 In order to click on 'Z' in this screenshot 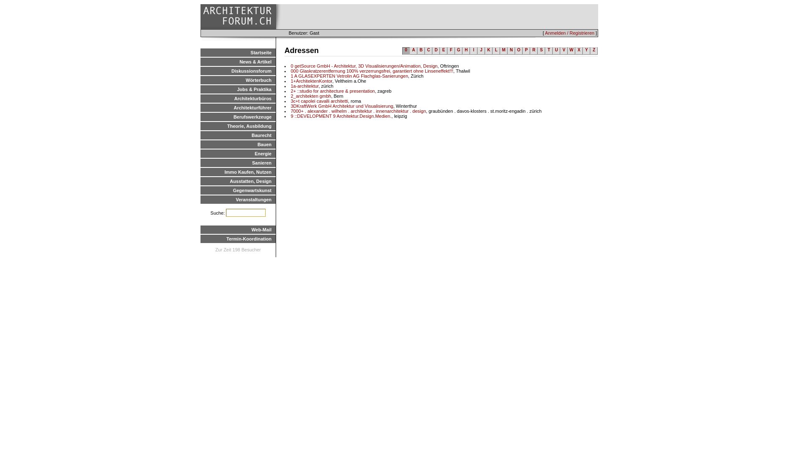, I will do `click(593, 51)`.